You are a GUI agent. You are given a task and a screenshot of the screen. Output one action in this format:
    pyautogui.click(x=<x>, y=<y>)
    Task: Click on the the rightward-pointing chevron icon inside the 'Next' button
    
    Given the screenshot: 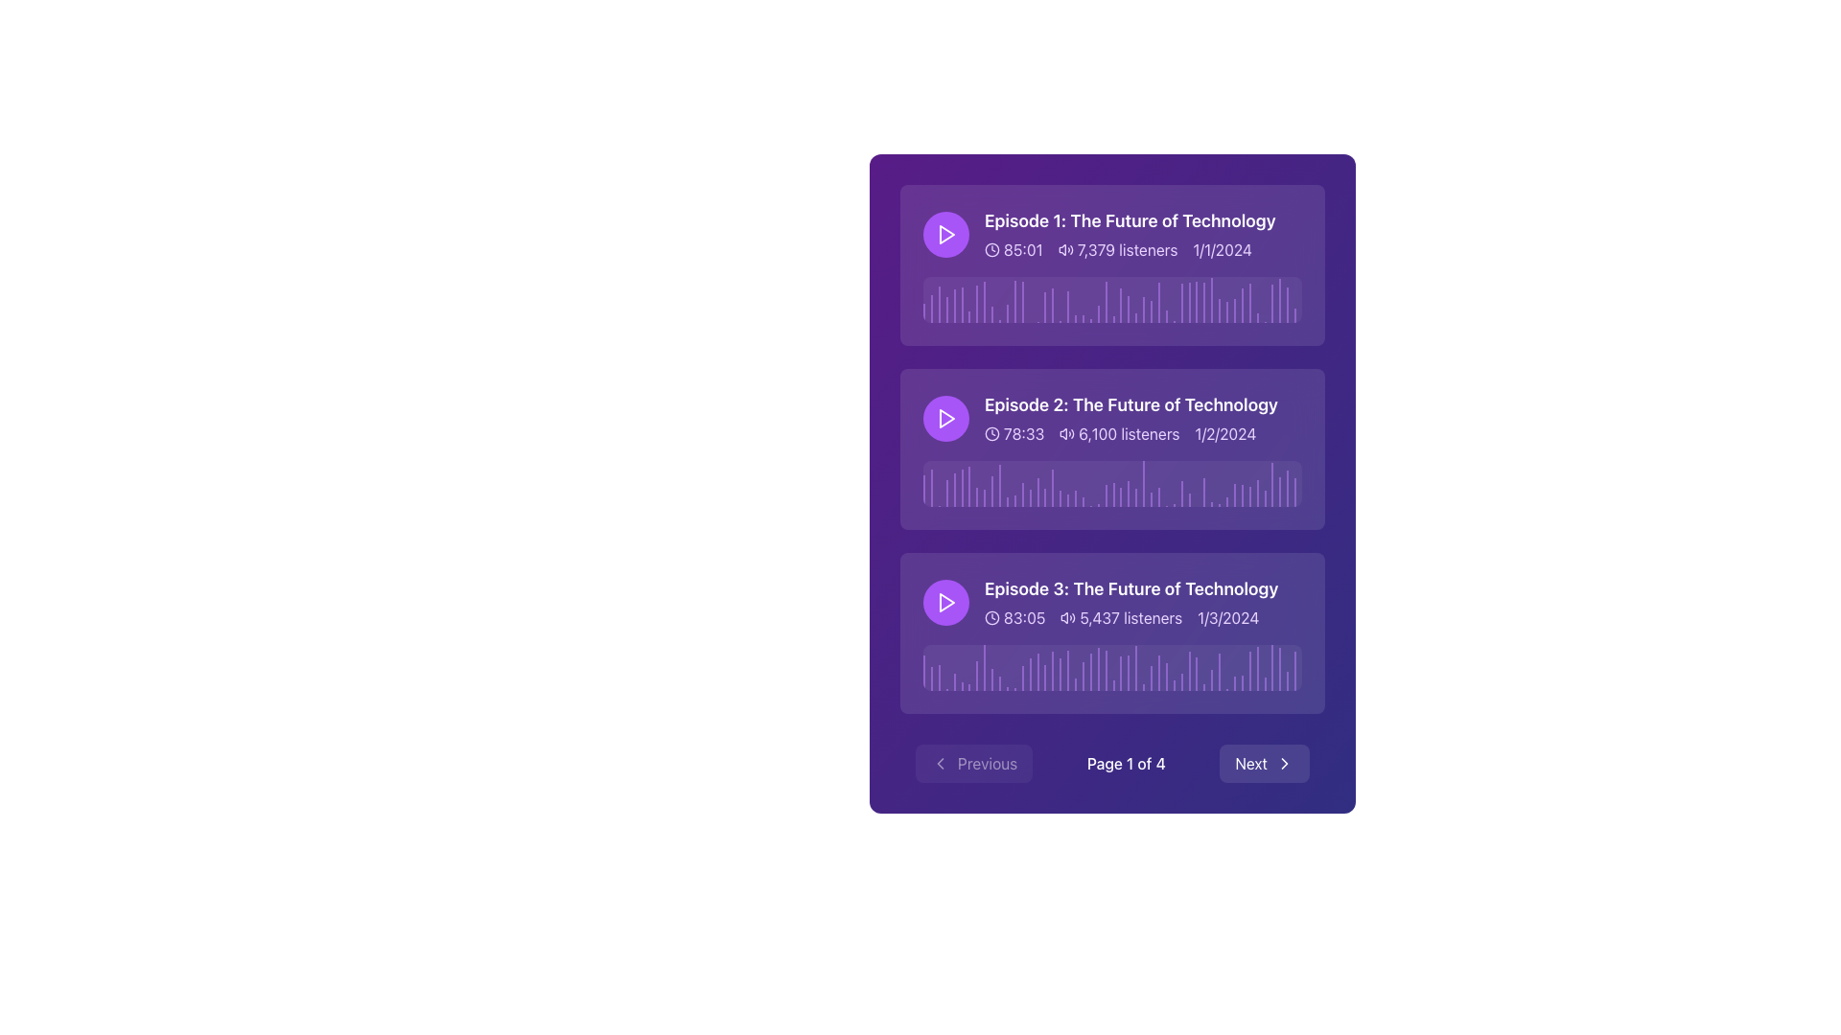 What is the action you would take?
    pyautogui.click(x=1284, y=763)
    